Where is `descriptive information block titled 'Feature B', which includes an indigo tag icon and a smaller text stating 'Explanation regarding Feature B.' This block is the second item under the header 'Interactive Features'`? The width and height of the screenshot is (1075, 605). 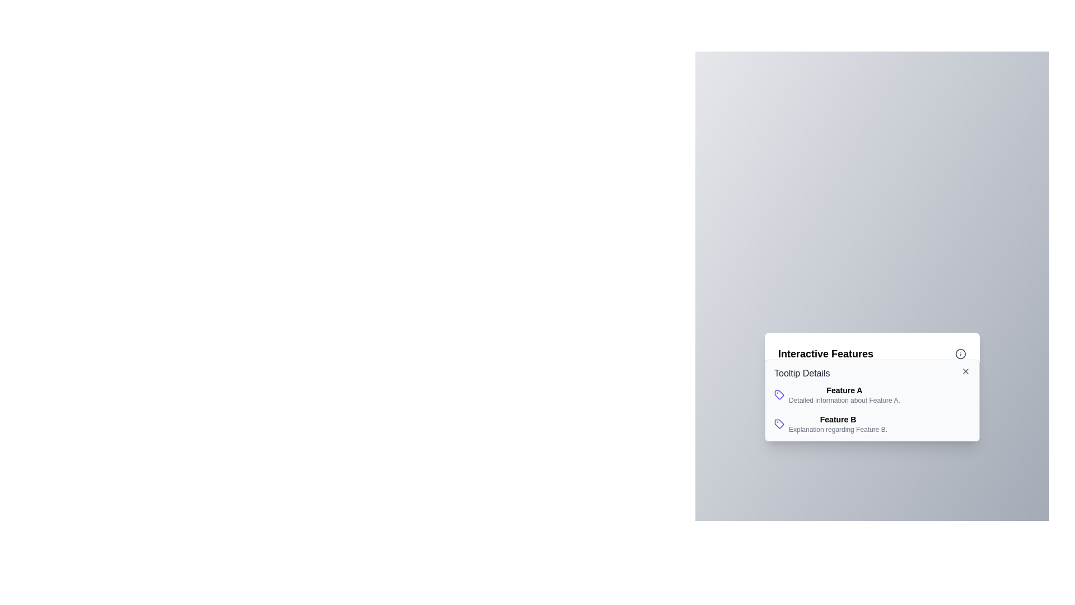 descriptive information block titled 'Feature B', which includes an indigo tag icon and a smaller text stating 'Explanation regarding Feature B.' This block is the second item under the header 'Interactive Features' is located at coordinates (872, 424).